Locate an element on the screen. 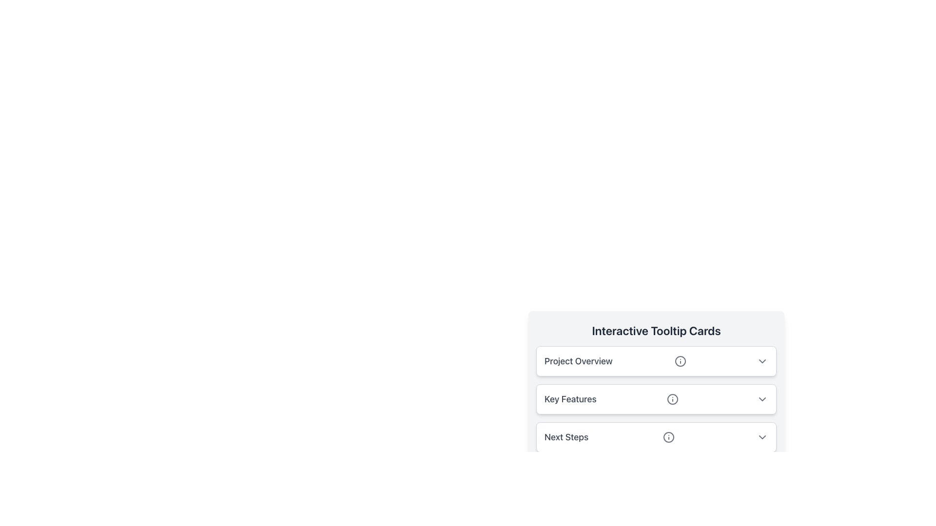 The height and width of the screenshot is (526, 936). the second card in the stack layout titled 'Interactive Tooltip Cards' which is located in the center of the middle section is located at coordinates (656, 387).